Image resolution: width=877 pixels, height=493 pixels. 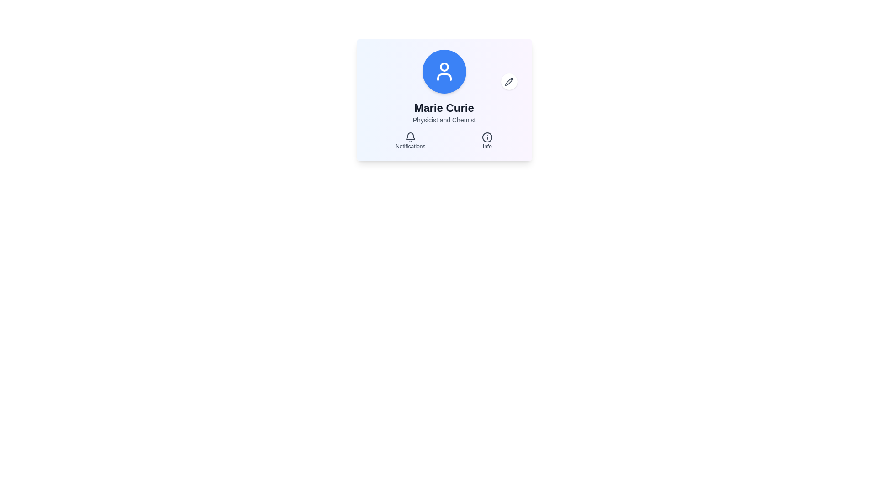 I want to click on the edit button located at the bottom-right corner of the user profile card to observe any hover effects, so click(x=508, y=81).